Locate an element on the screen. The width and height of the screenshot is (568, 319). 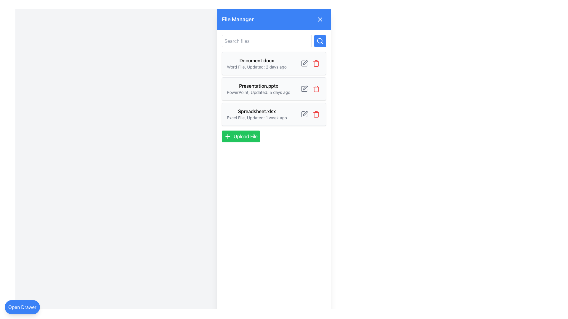
the text label displaying metadata about the associated file, which is located below 'Presentation.pptx' in the right-hand panel under 'File Manager' is located at coordinates (259, 92).